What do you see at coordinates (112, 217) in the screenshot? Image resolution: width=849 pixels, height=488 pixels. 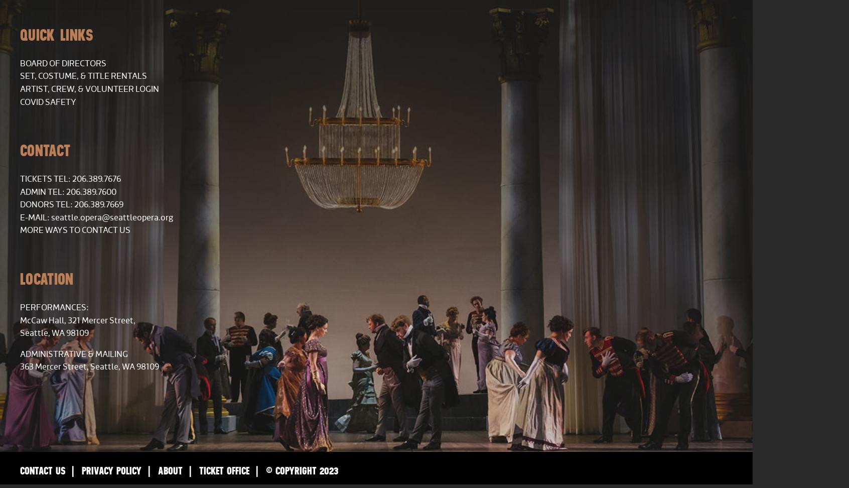 I see `'seattle.opera@seattleopera.org'` at bounding box center [112, 217].